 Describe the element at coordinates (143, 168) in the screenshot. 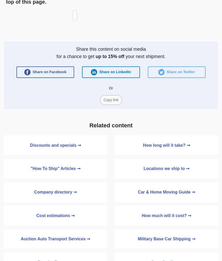

I see `'Locations we ship to ➞'` at that location.